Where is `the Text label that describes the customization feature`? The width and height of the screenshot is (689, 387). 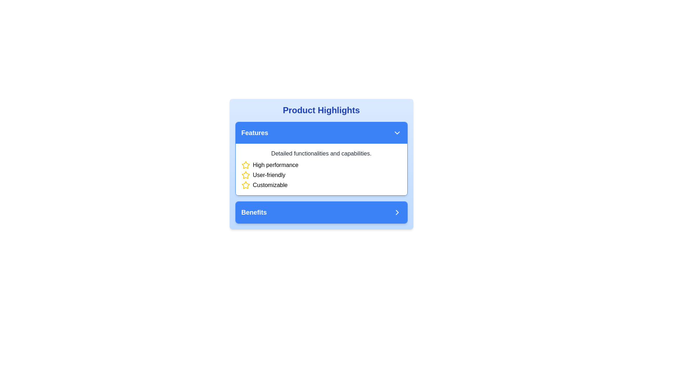
the Text label that describes the customization feature is located at coordinates (270, 185).